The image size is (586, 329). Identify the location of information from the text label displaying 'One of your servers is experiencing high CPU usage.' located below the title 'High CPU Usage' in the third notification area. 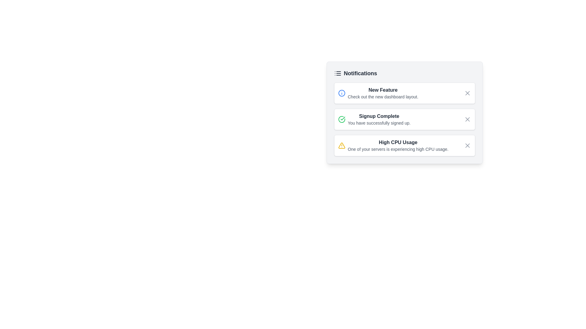
(398, 149).